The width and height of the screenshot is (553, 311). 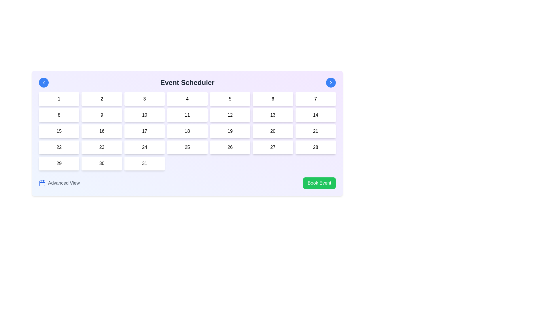 What do you see at coordinates (43, 82) in the screenshot?
I see `the leftward chevron icon contained within the blue circular button at the top-left corner of the event scheduler interface` at bounding box center [43, 82].